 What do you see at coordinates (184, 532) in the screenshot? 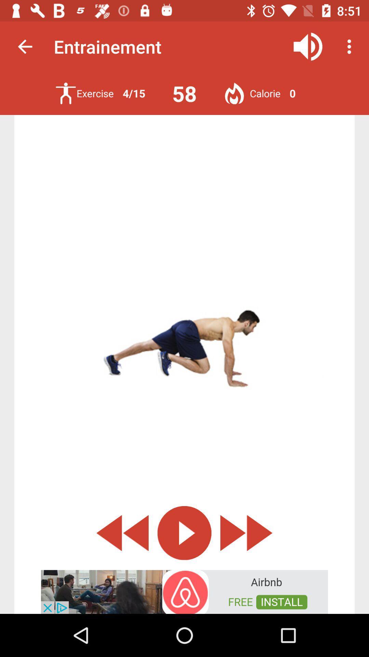
I see `start` at bounding box center [184, 532].